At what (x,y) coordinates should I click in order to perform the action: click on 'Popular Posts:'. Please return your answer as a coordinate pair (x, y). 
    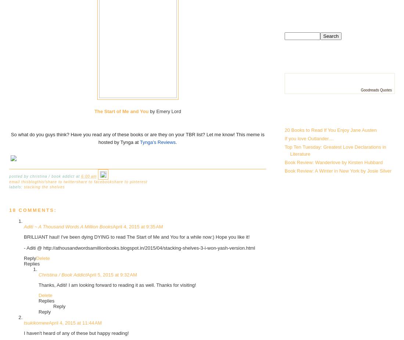
    Looking at the image, I should click on (320, 114).